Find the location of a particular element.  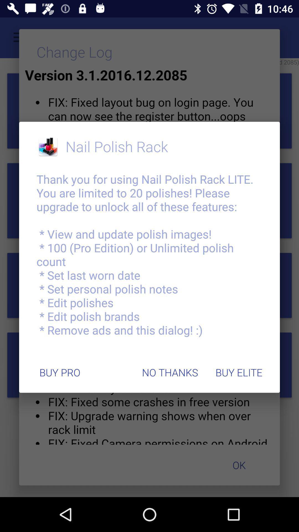

item to the right of the buy pro is located at coordinates (170, 372).